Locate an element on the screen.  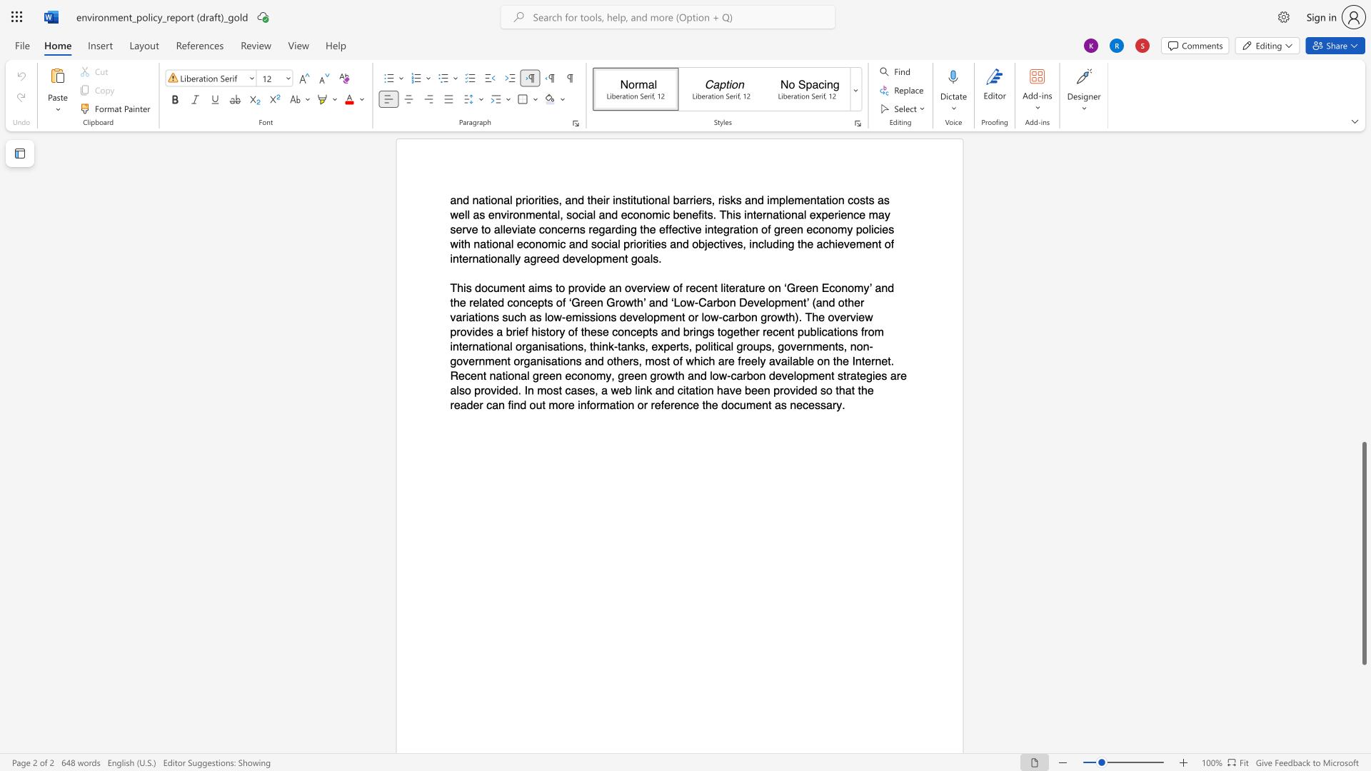
the scrollbar to move the page up is located at coordinates (1363, 271).